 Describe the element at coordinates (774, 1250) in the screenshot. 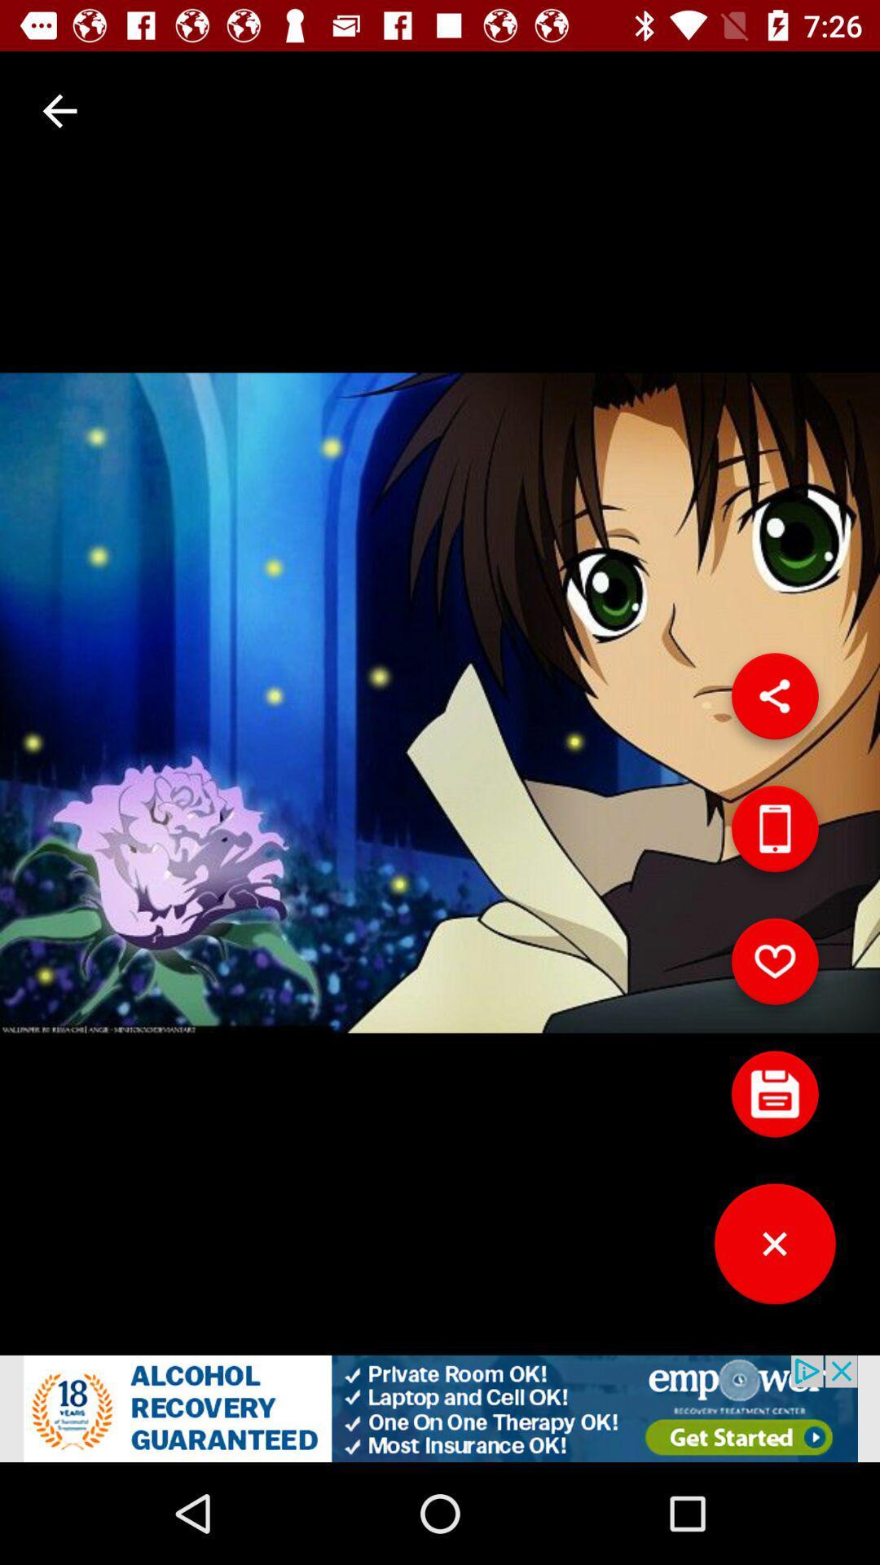

I see `button` at that location.